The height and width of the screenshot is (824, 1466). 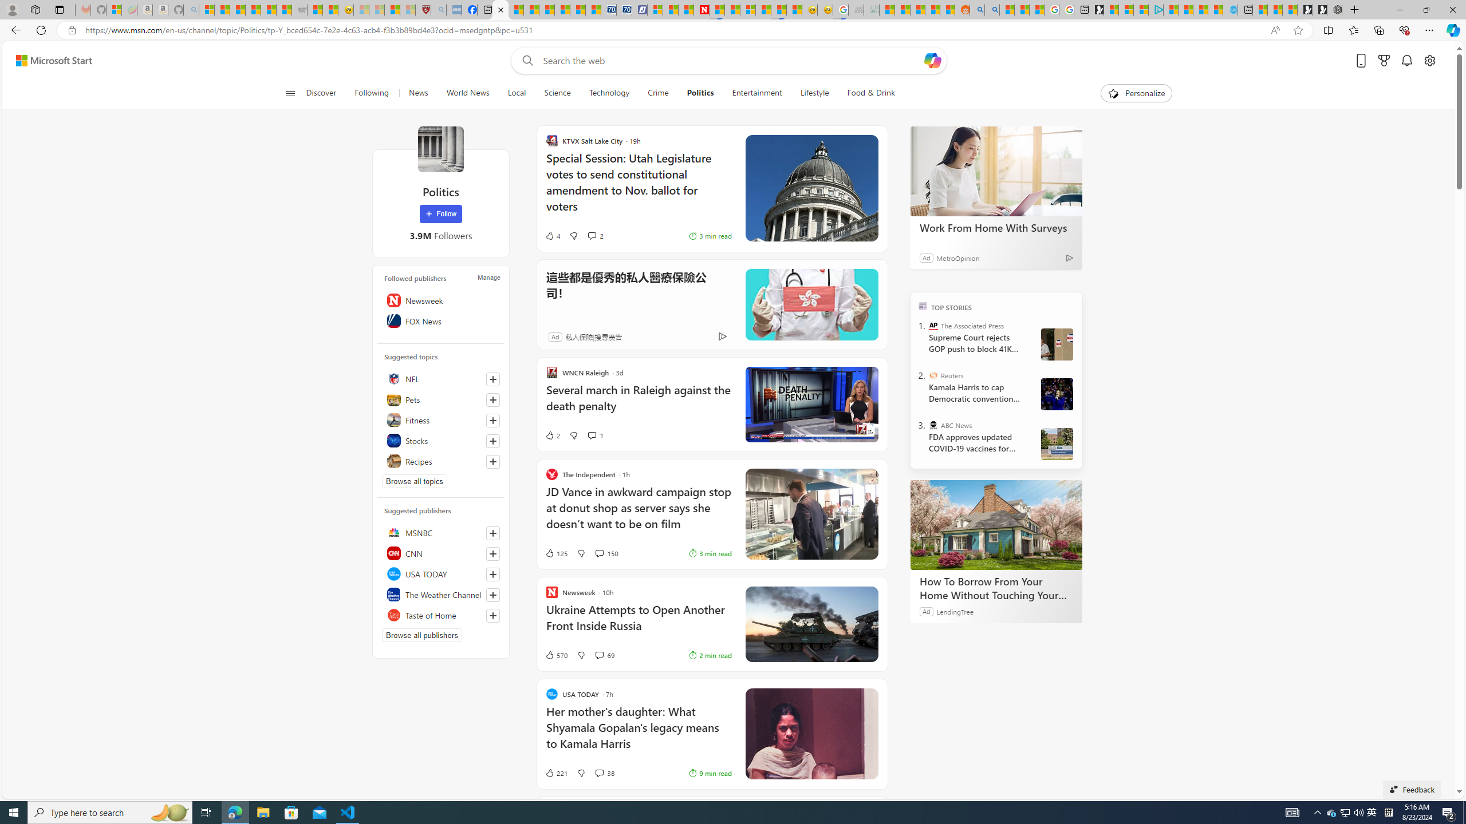 What do you see at coordinates (933, 374) in the screenshot?
I see `'Reuters'` at bounding box center [933, 374].